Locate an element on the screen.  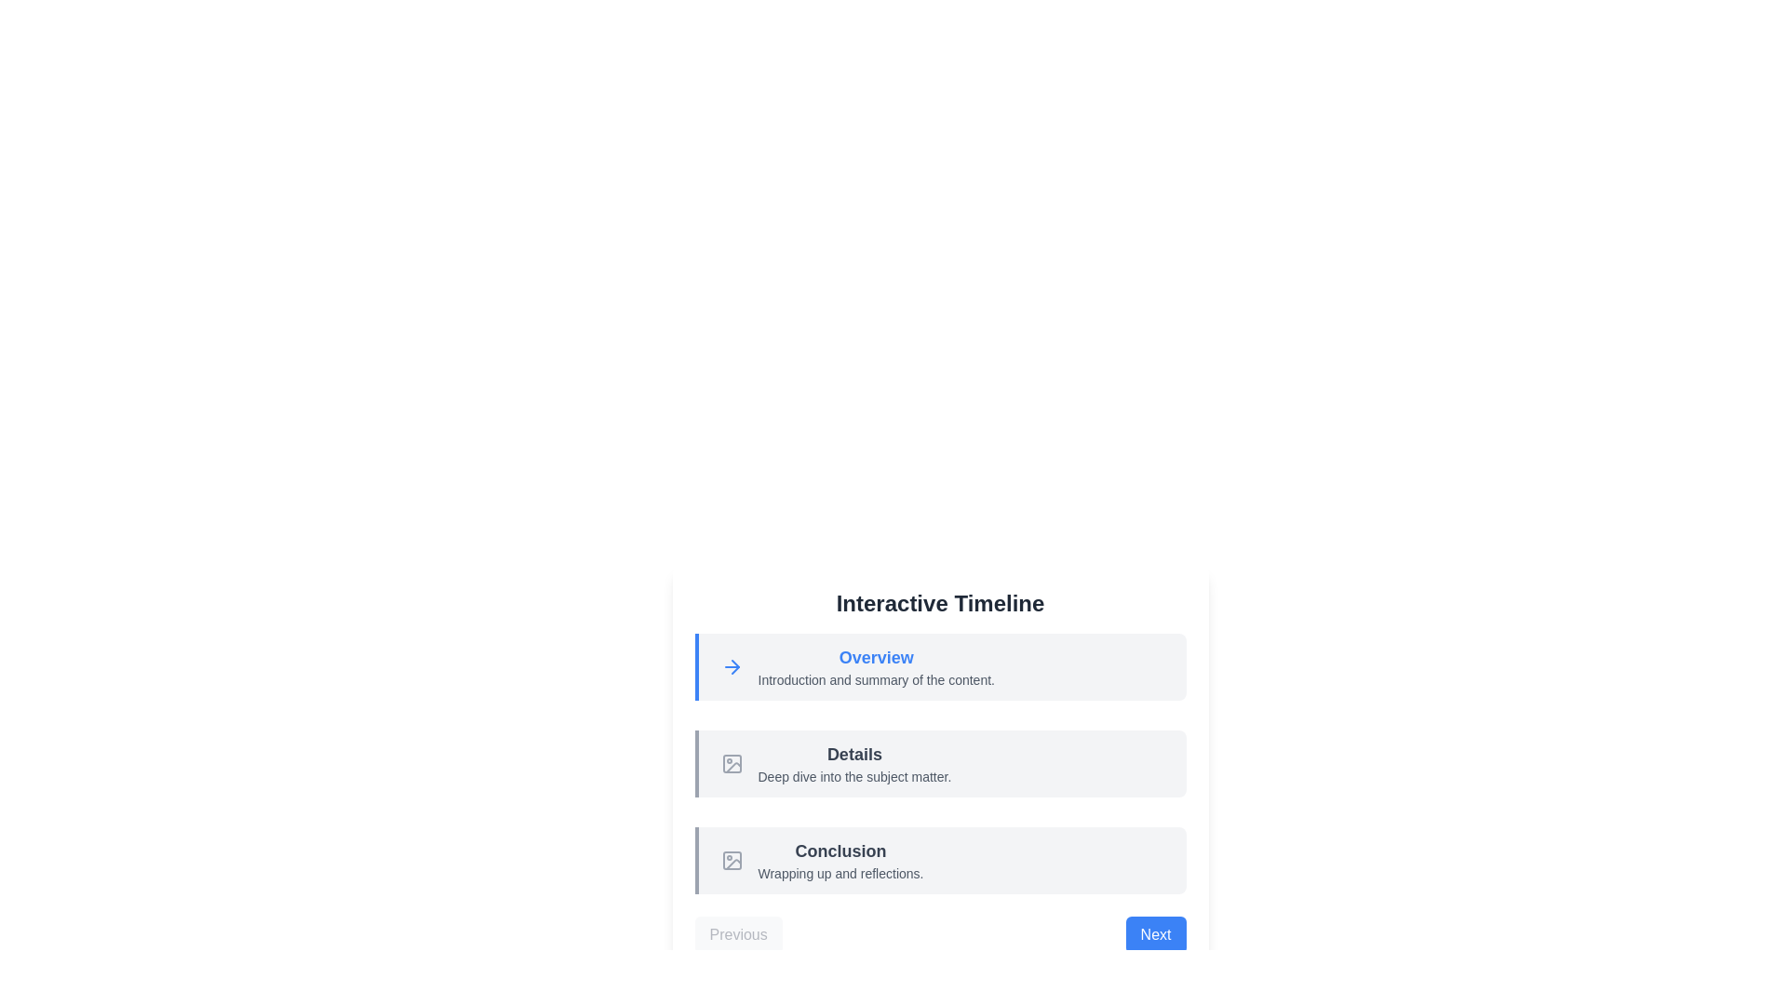
the Previous button to navigate the timeline is located at coordinates (736, 935).